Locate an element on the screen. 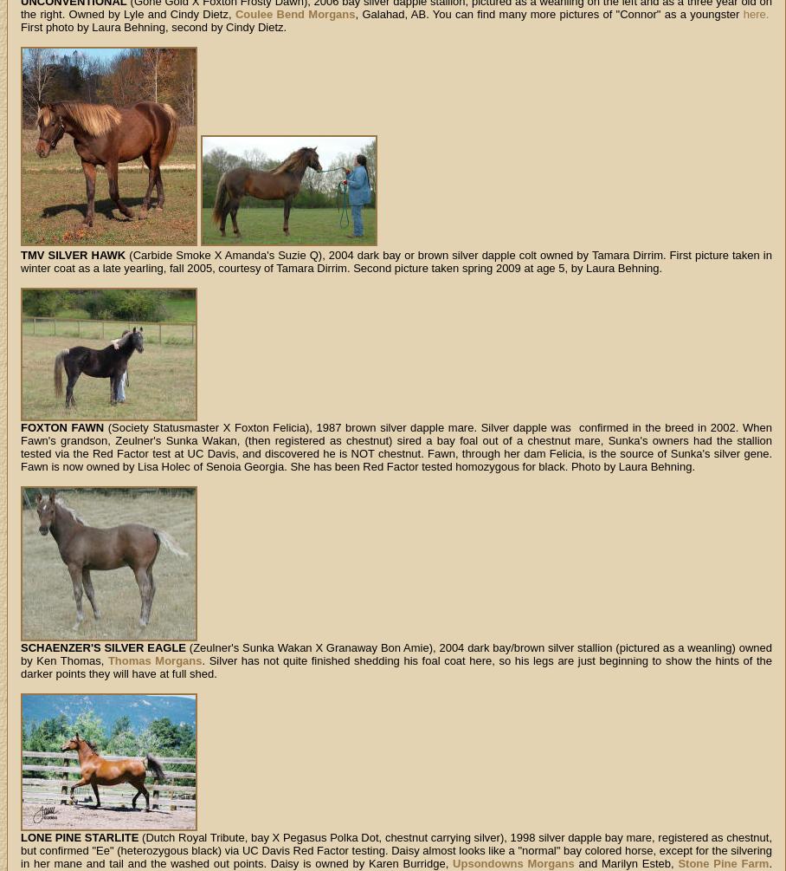  '. Silver has not quite finished shedding his foal coat here, so his legs are just beginning to show the hints of the darker points they will have at full shed.' is located at coordinates (395, 667).